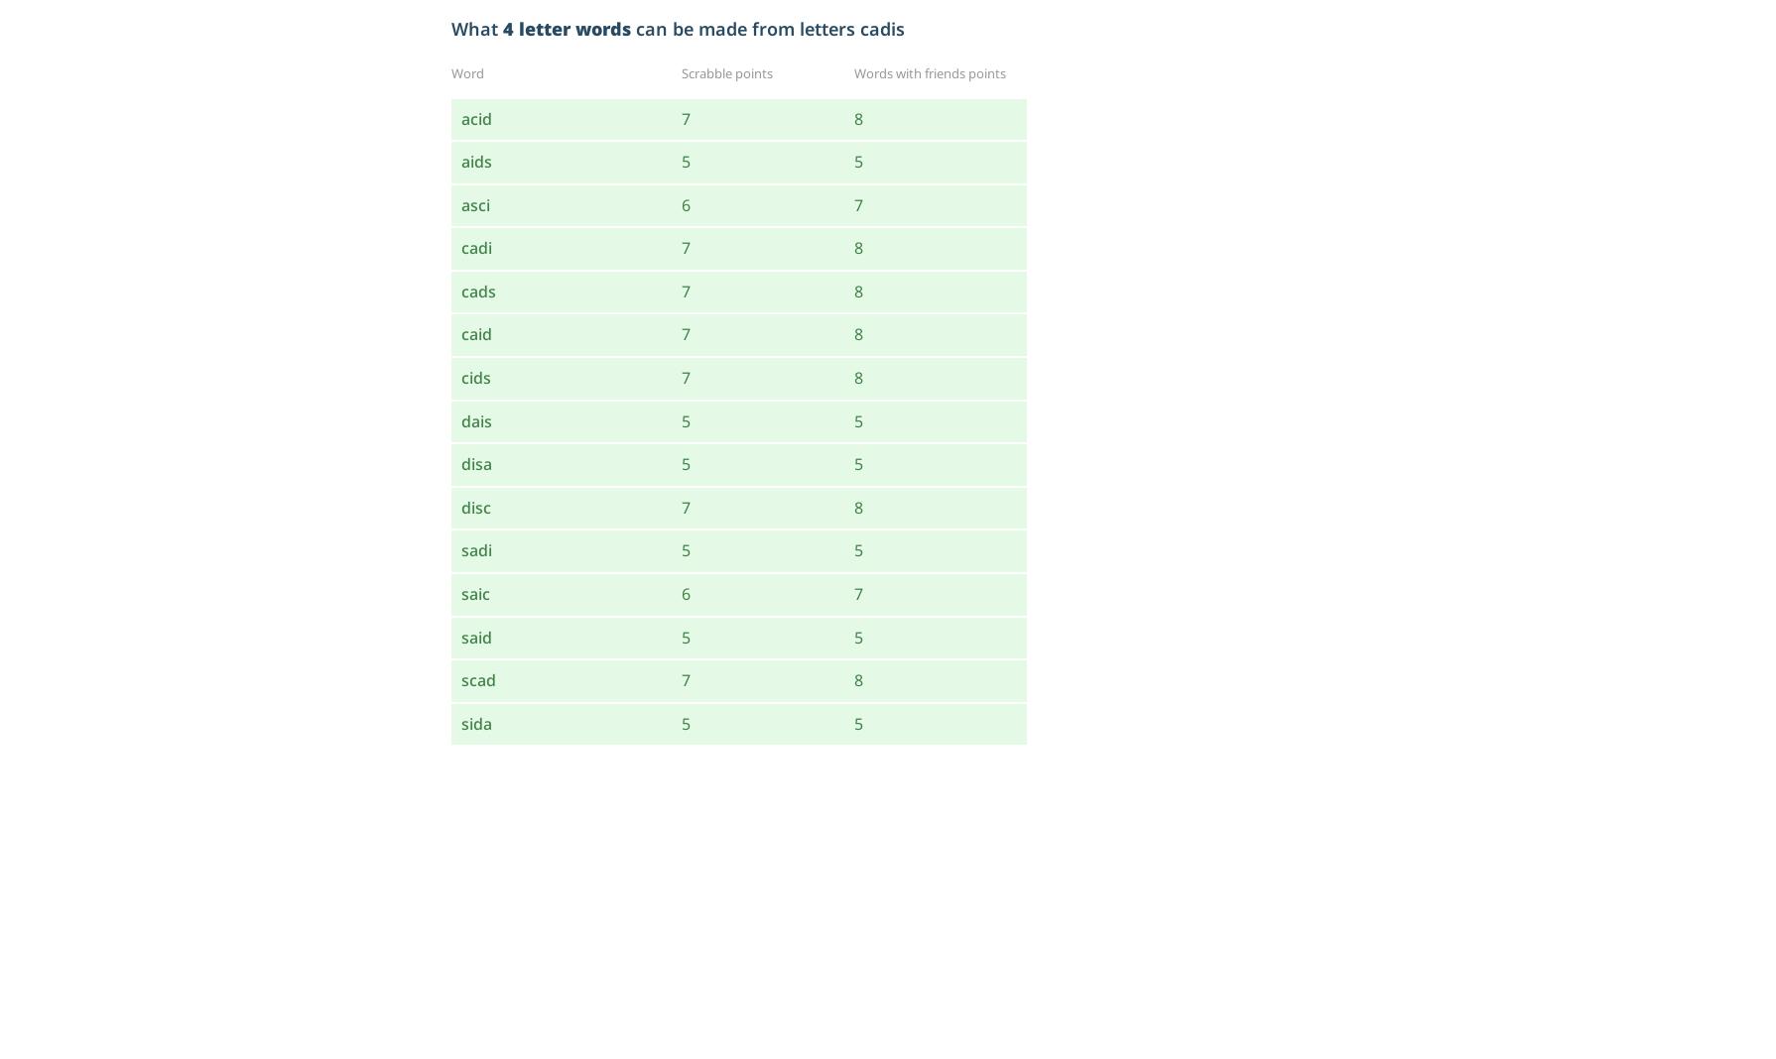  Describe the element at coordinates (766, 28) in the screenshot. I see `'can be made from letters cadis'` at that location.